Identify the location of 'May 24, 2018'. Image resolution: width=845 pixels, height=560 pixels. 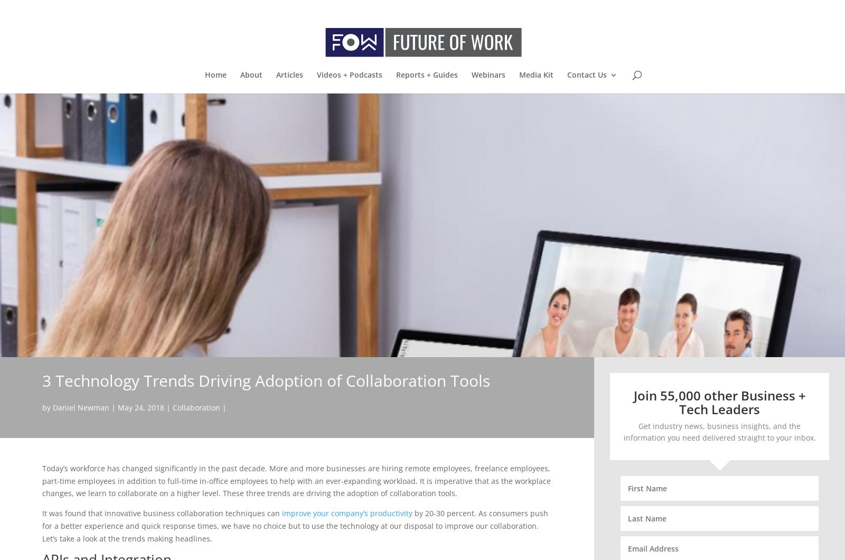
(141, 407).